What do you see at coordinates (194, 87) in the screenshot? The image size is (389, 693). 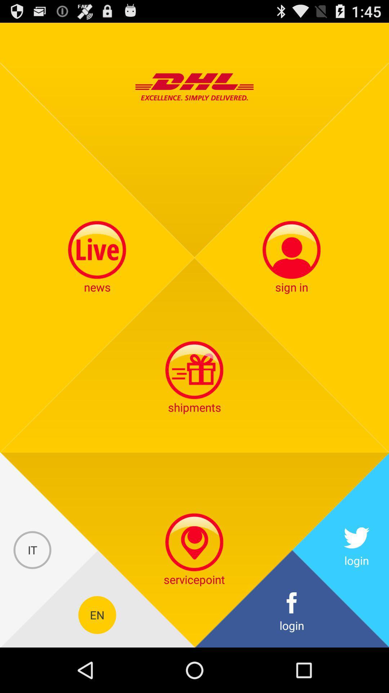 I see `the button at top` at bounding box center [194, 87].